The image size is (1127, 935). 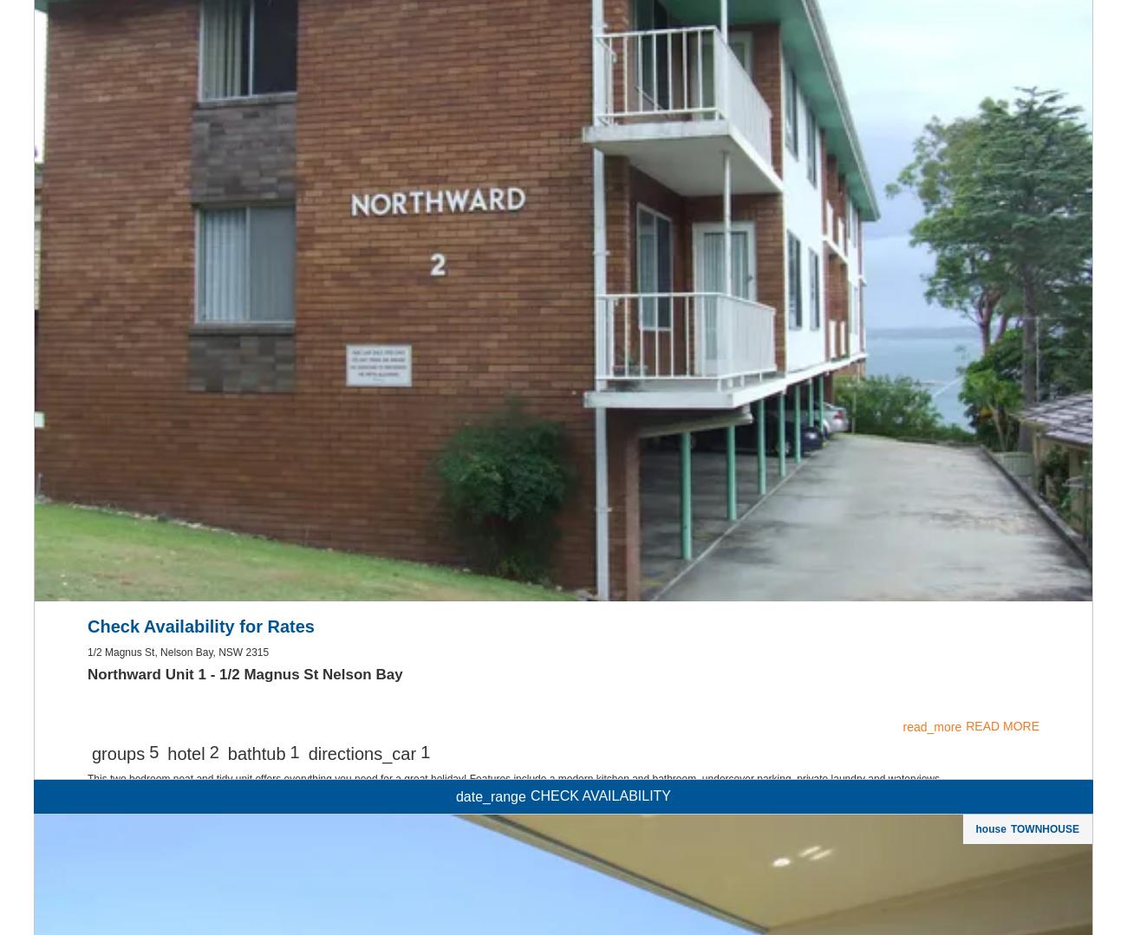 What do you see at coordinates (563, 191) in the screenshot?
I see `'ac_unit'` at bounding box center [563, 191].